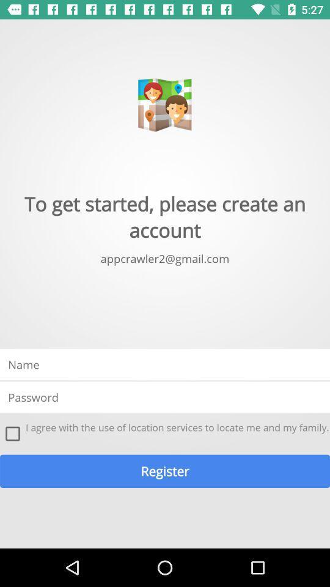 The image size is (330, 587). I want to click on name, so click(165, 364).